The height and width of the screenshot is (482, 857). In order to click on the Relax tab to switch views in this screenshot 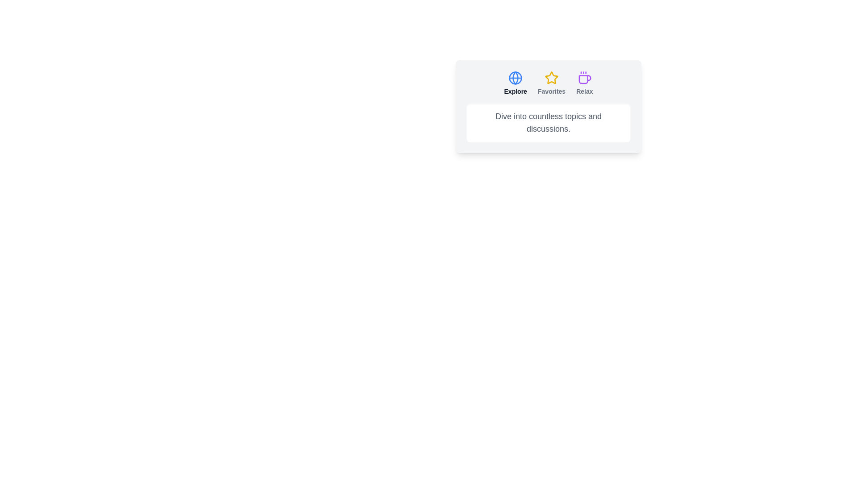, I will do `click(584, 83)`.